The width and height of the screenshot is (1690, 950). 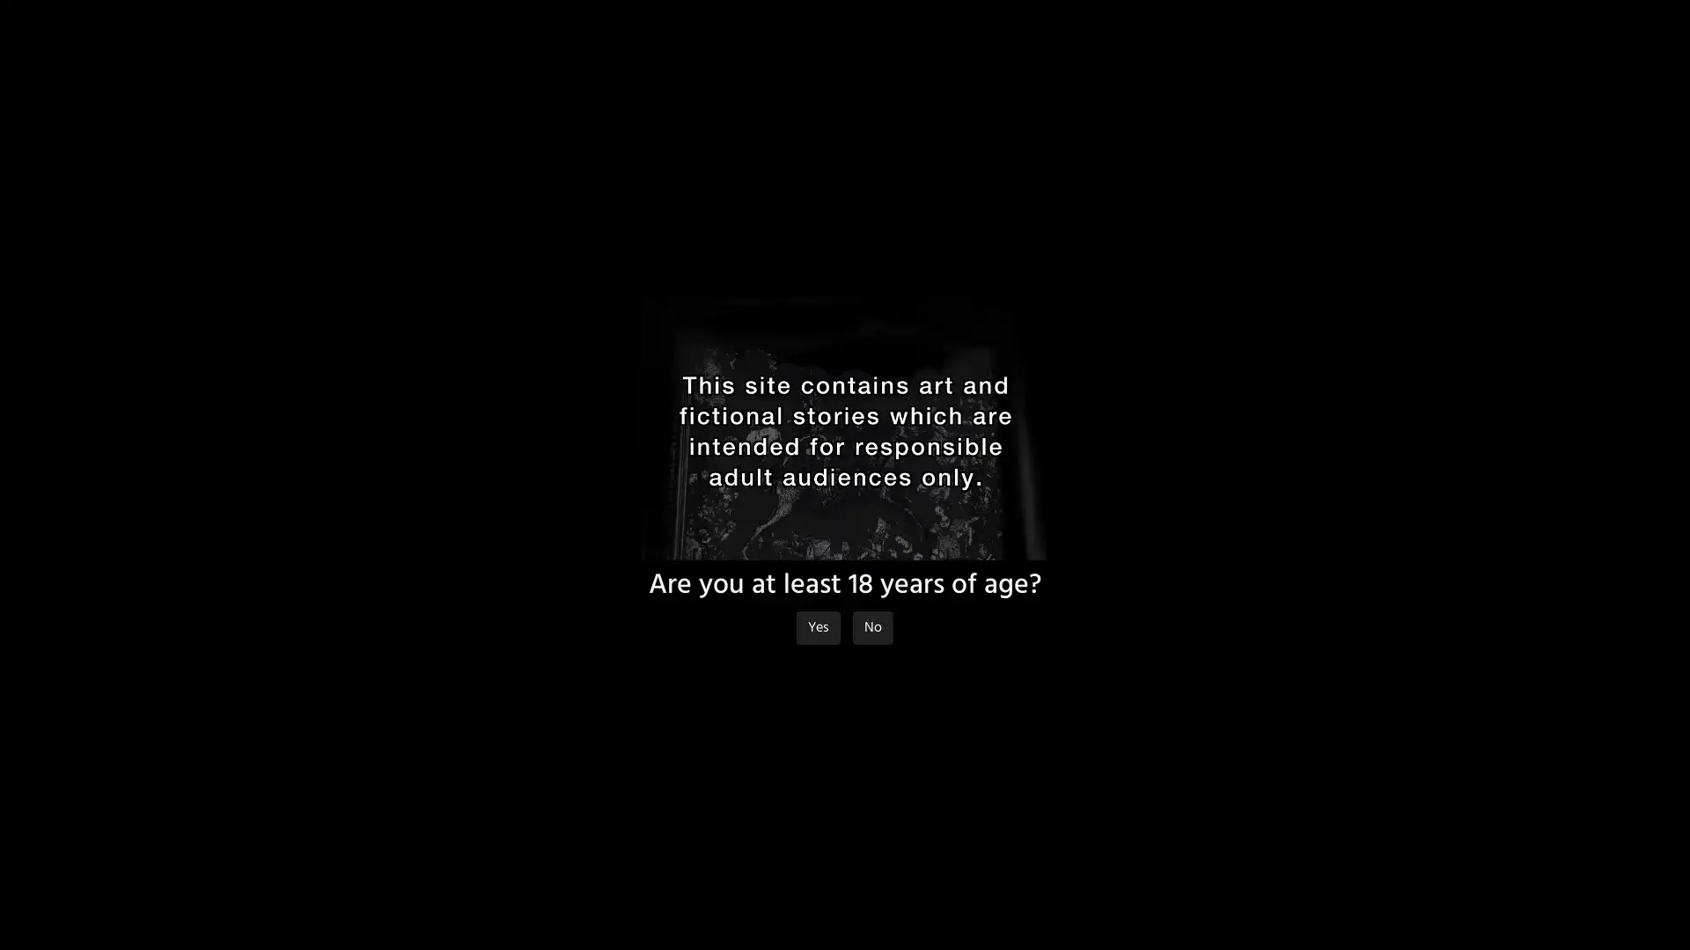 What do you see at coordinates (873, 626) in the screenshot?
I see `No` at bounding box center [873, 626].